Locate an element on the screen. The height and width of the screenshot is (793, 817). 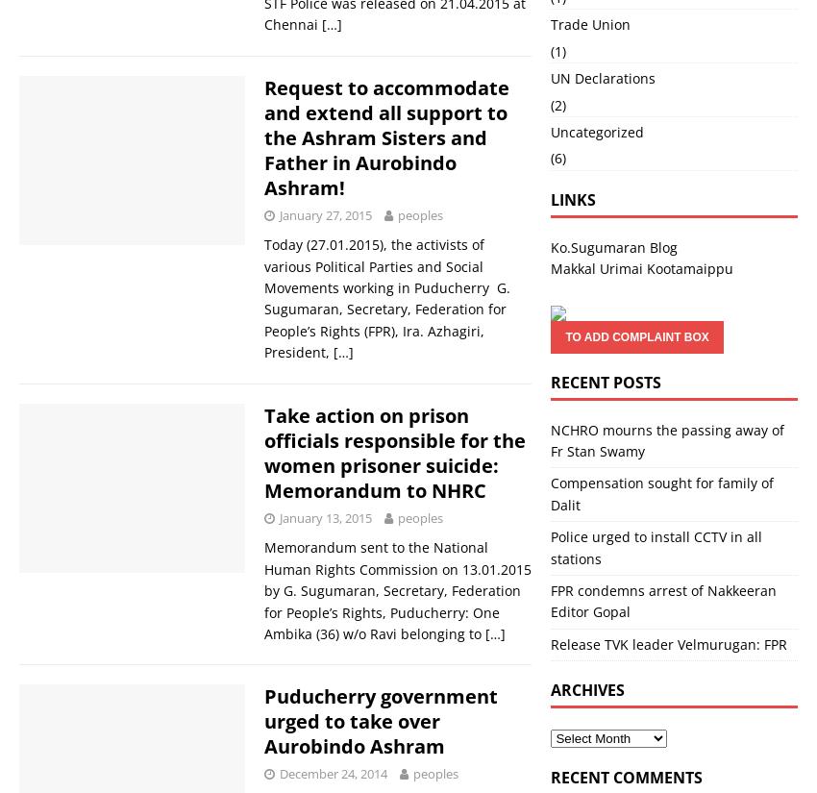
'(6)' is located at coordinates (557, 158).